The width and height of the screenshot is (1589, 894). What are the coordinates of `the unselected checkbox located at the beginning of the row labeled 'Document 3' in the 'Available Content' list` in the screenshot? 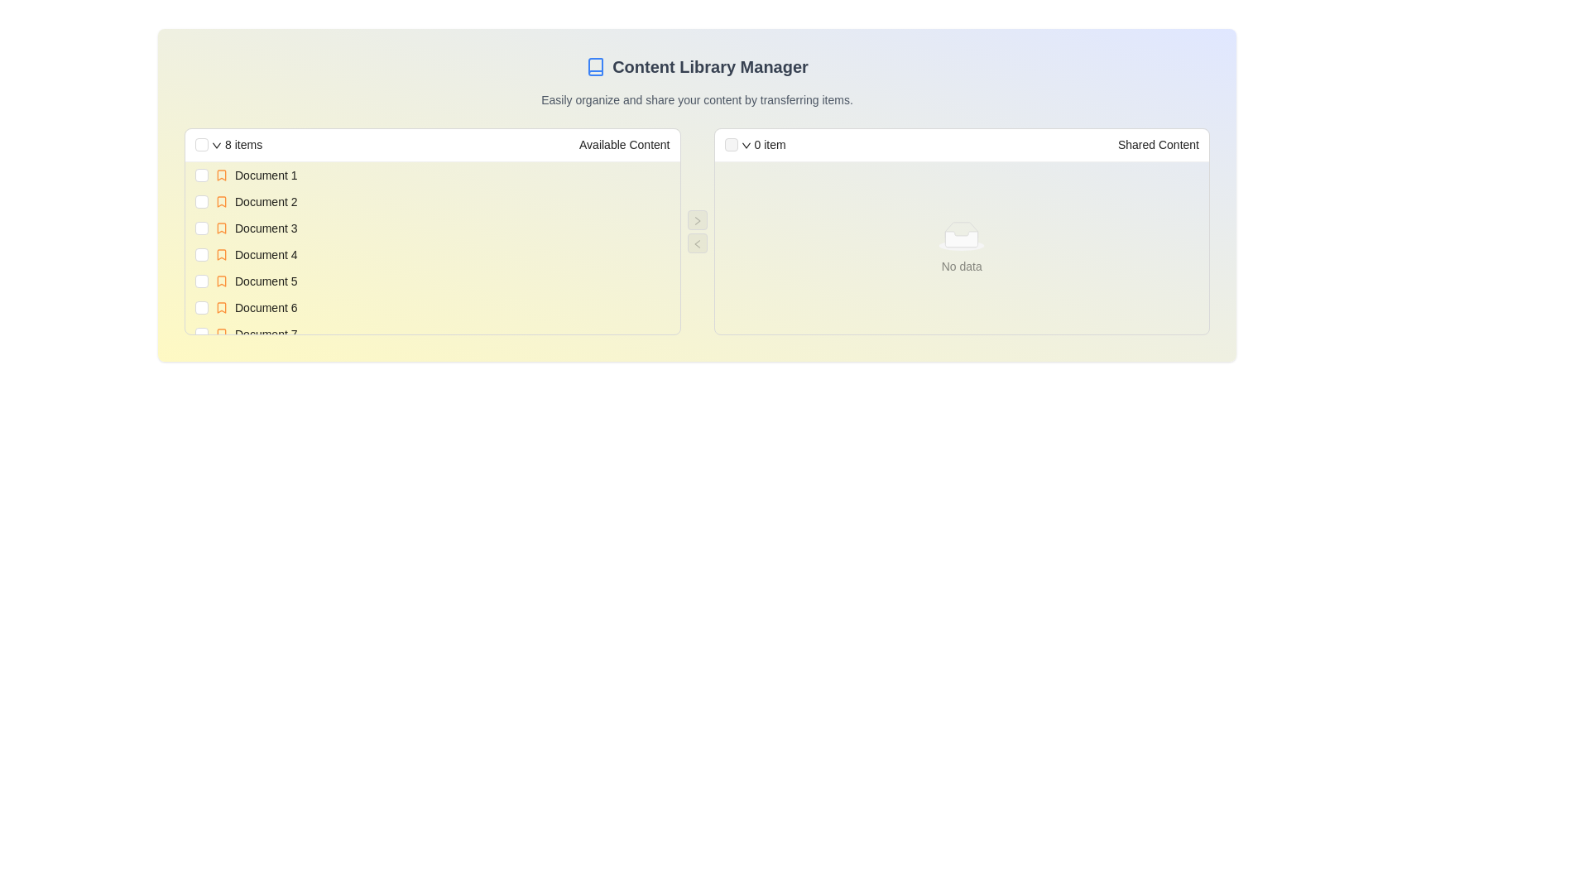 It's located at (201, 228).